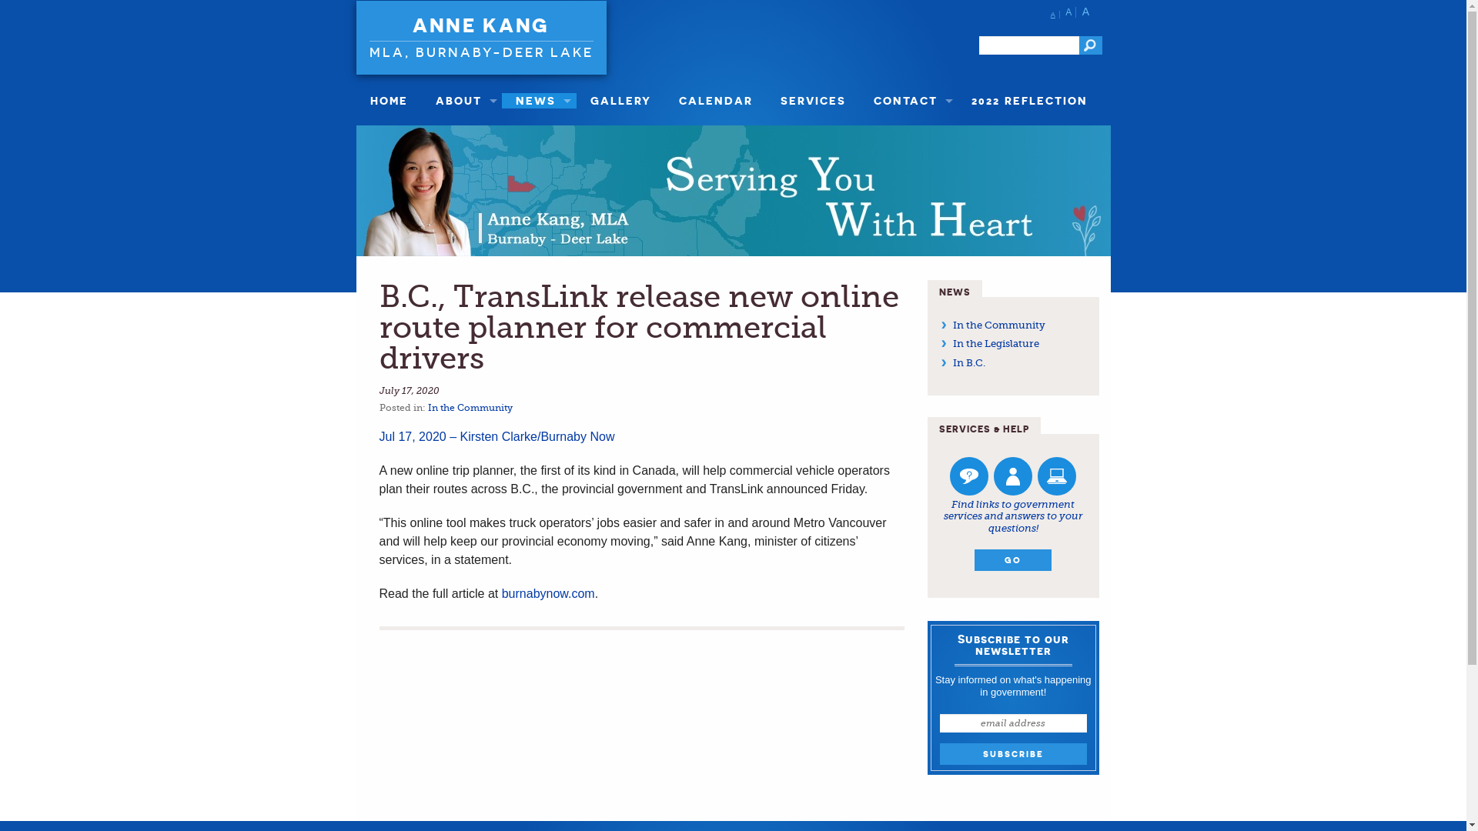 The width and height of the screenshot is (1478, 831). Describe the element at coordinates (996, 342) in the screenshot. I see `'In the Legislature'` at that location.